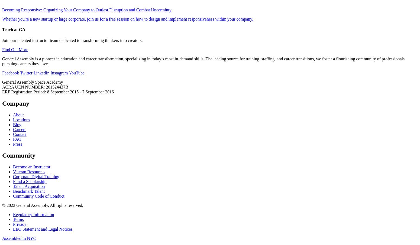  Describe the element at coordinates (86, 9) in the screenshot. I see `'Becoming Responsive: Organizing Your Company to Outlast Disruption and Combat Uncertainty'` at that location.